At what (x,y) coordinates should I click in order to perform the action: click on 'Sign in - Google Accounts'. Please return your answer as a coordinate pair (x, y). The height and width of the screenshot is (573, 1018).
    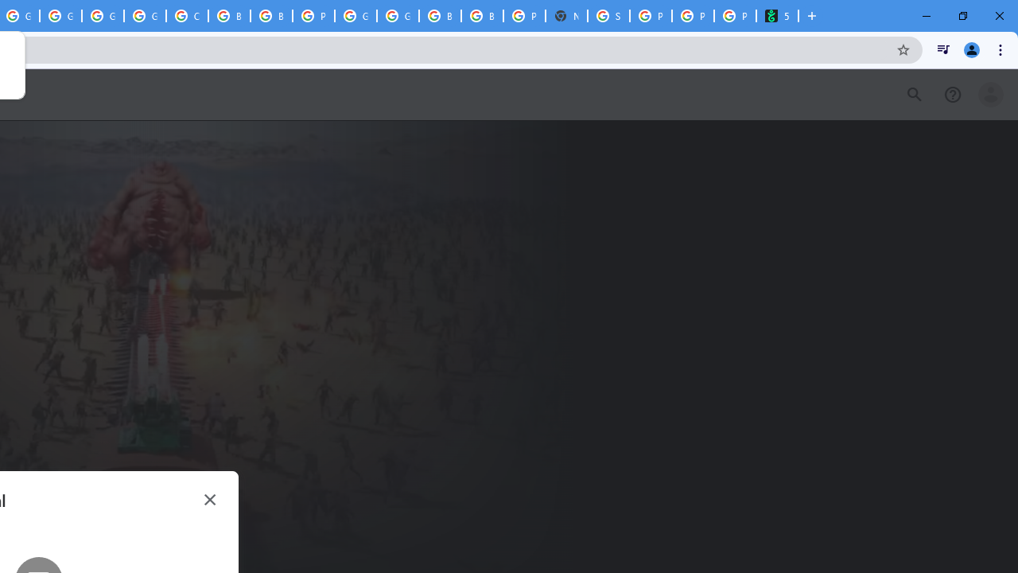
    Looking at the image, I should click on (608, 16).